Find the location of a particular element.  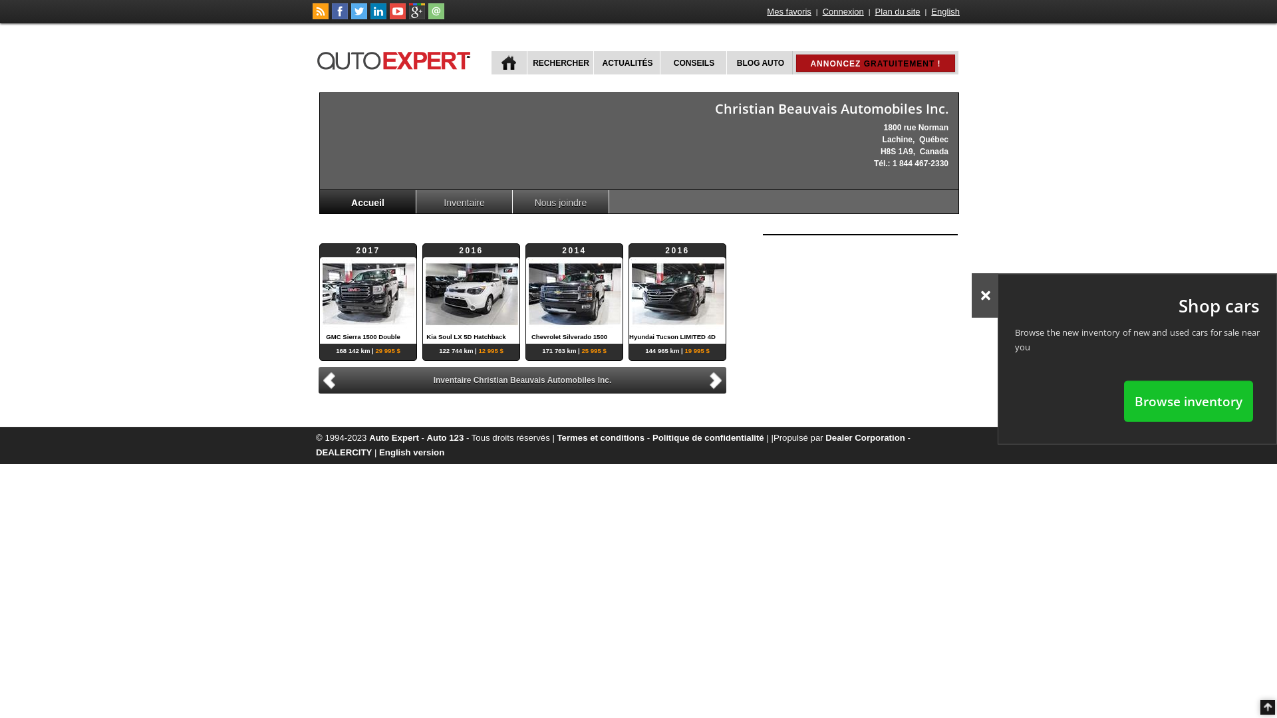

'Browse inventory' is located at coordinates (1123, 400).